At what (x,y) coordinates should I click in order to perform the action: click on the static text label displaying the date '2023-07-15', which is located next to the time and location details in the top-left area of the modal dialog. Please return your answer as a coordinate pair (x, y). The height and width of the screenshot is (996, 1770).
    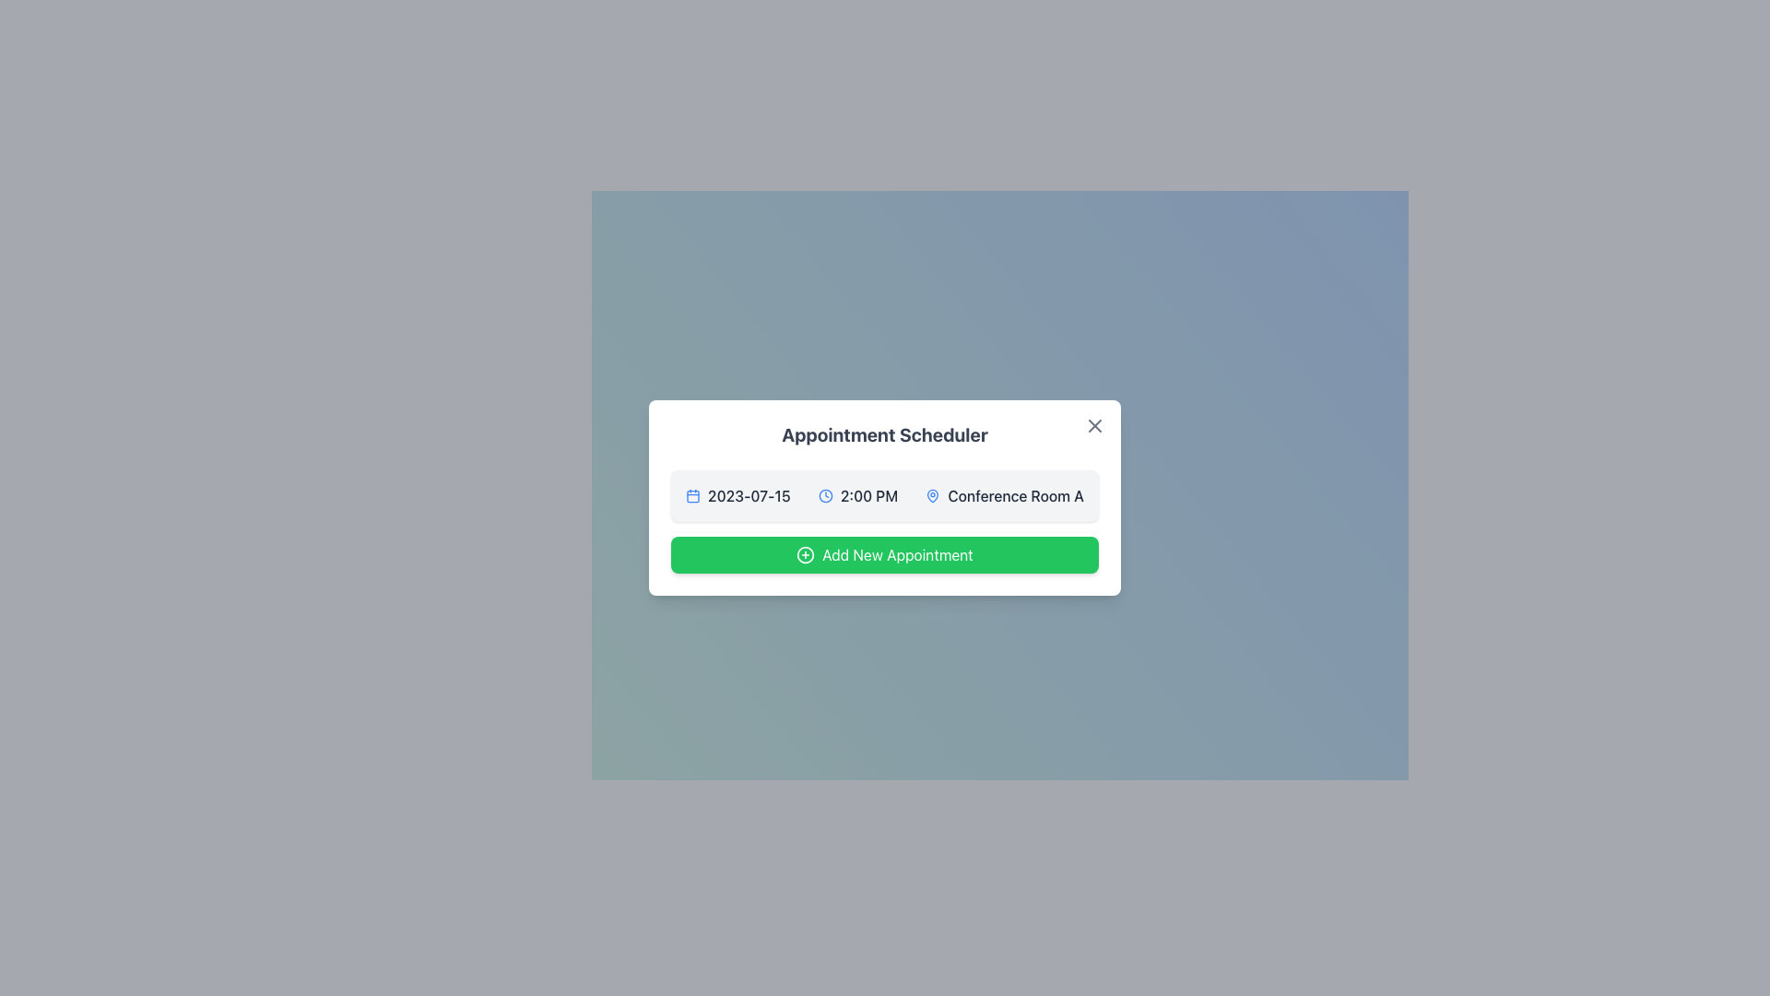
    Looking at the image, I should click on (749, 494).